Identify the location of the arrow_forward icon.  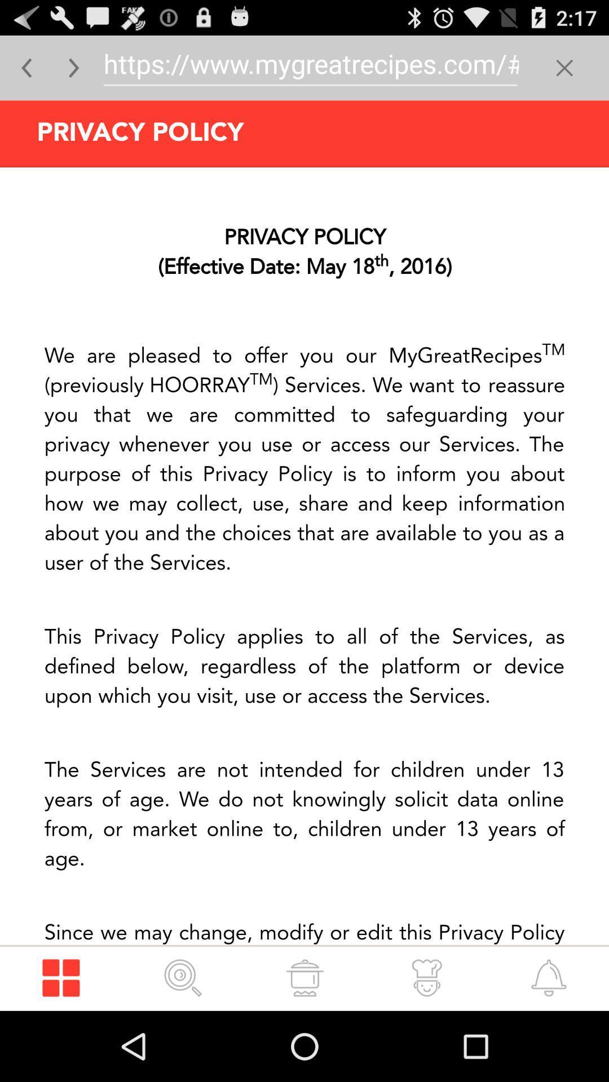
(74, 72).